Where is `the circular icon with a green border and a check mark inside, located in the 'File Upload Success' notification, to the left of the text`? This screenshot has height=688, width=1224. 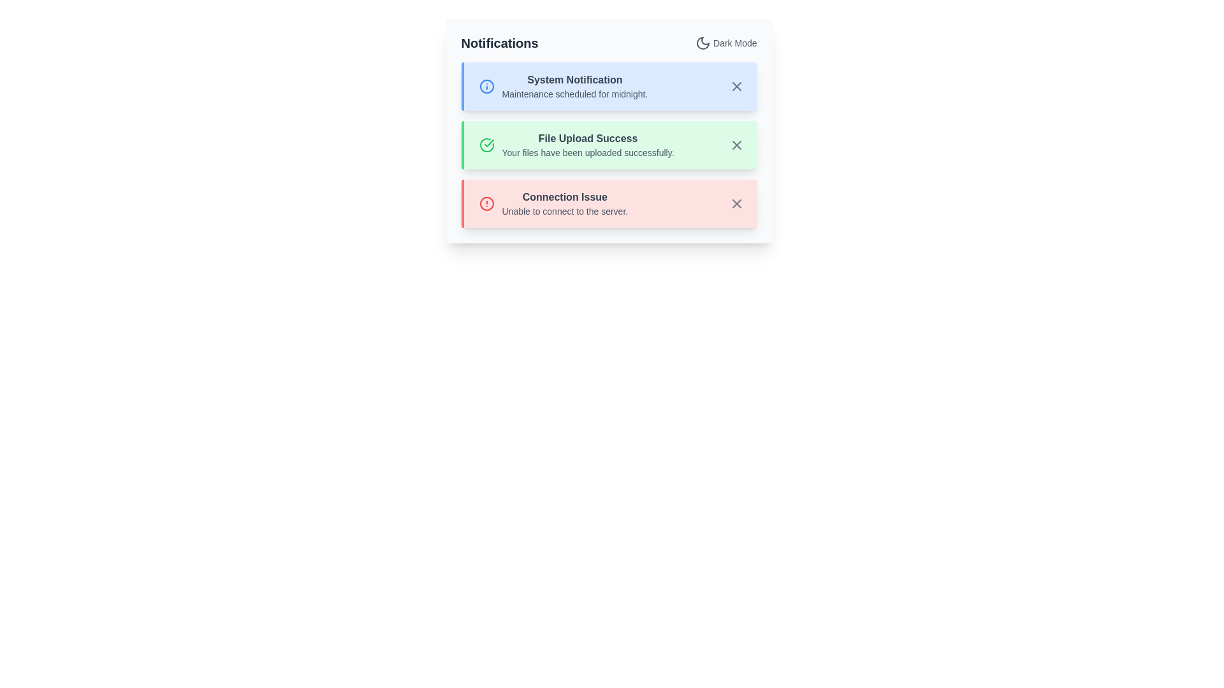 the circular icon with a green border and a check mark inside, located in the 'File Upload Success' notification, to the left of the text is located at coordinates (486, 144).